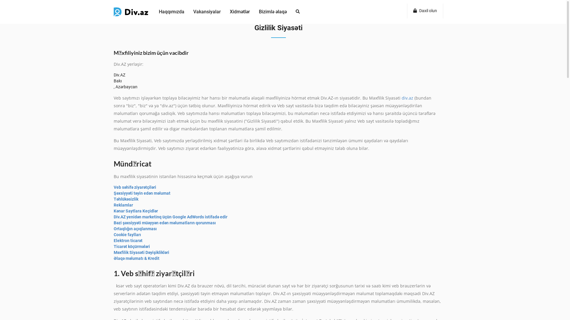 The width and height of the screenshot is (570, 320). What do you see at coordinates (123, 204) in the screenshot?
I see `'Reklamlar'` at bounding box center [123, 204].